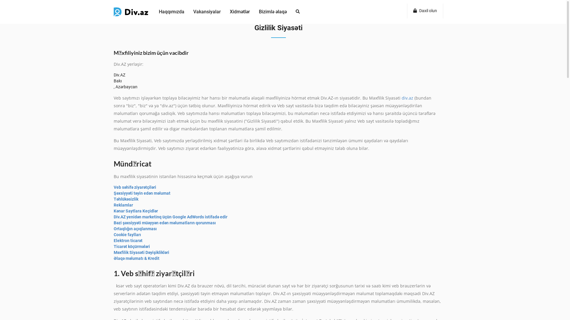 The width and height of the screenshot is (570, 320). What do you see at coordinates (123, 204) in the screenshot?
I see `'Reklamlar'` at bounding box center [123, 204].